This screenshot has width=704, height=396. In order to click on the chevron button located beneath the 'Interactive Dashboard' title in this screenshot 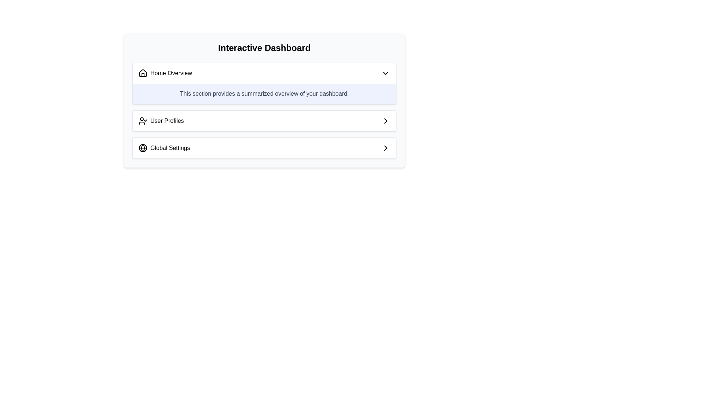, I will do `click(264, 73)`.